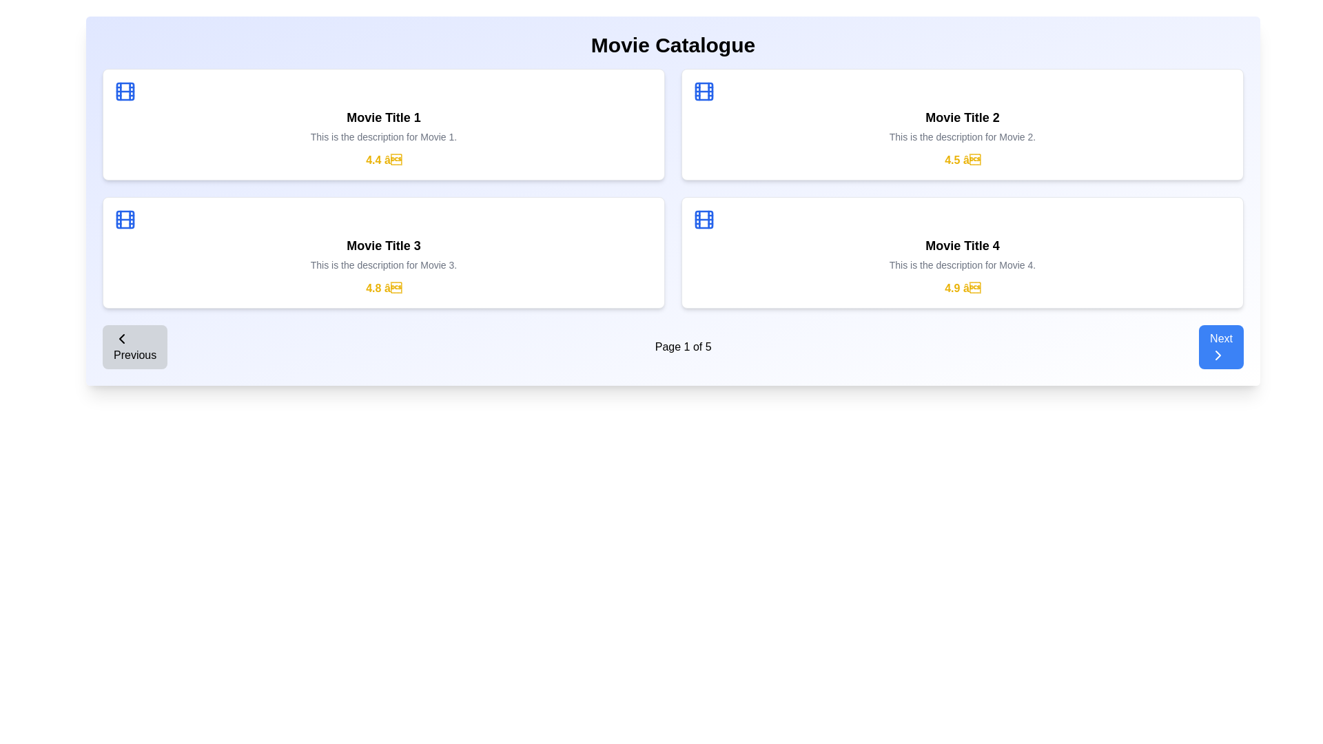 Image resolution: width=1323 pixels, height=744 pixels. Describe the element at coordinates (122, 339) in the screenshot. I see `the left chevron icon within the 'Previous' button, located in the bottom-left corner of the page` at that location.